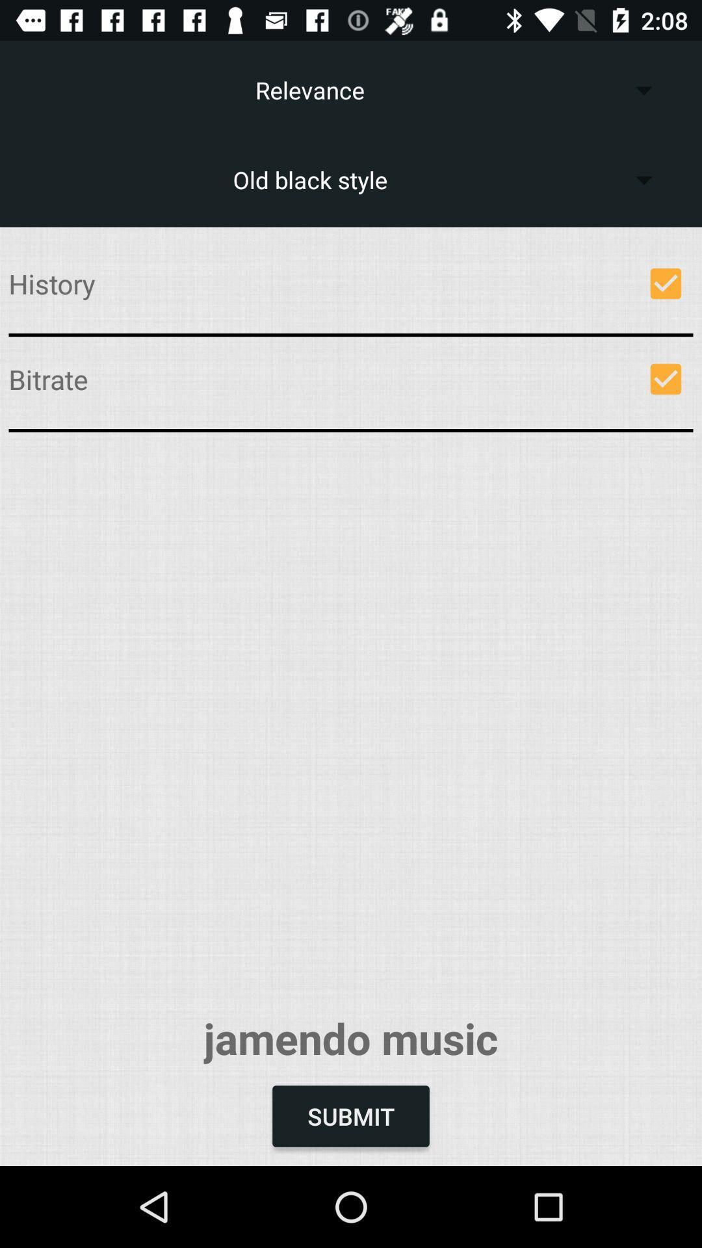 The width and height of the screenshot is (702, 1248). What do you see at coordinates (666, 283) in the screenshot?
I see `this button allows you to select your history` at bounding box center [666, 283].